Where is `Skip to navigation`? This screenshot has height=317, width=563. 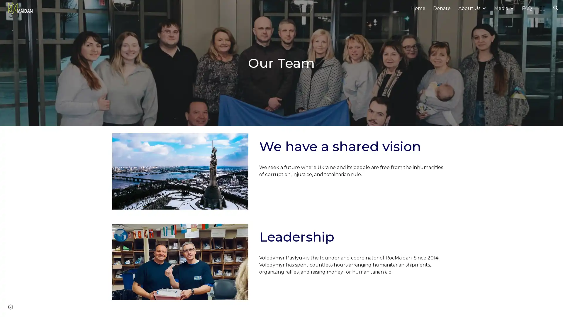
Skip to navigation is located at coordinates (334, 11).